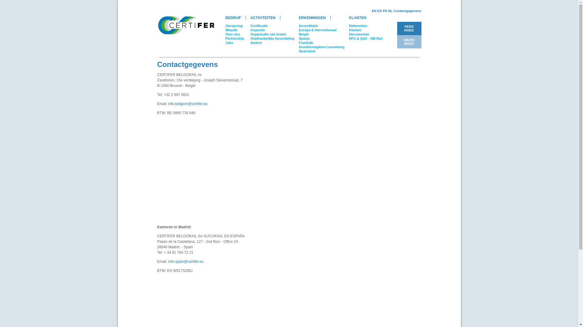 This screenshot has height=327, width=583. I want to click on 'Accreditatie', so click(298, 25).